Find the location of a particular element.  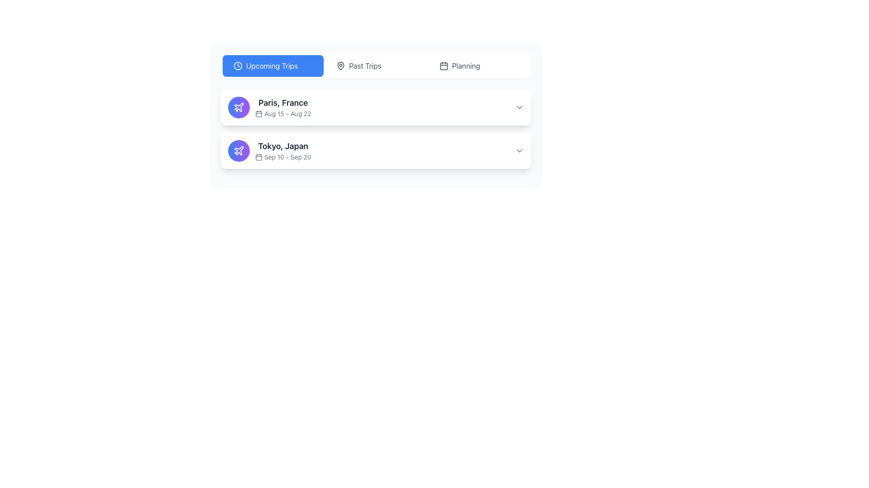

the icon that signifies the date range of the Tokyo trip, positioned to the left of the text 'Sep 10 - Sep 20' within the trip card is located at coordinates (258, 156).